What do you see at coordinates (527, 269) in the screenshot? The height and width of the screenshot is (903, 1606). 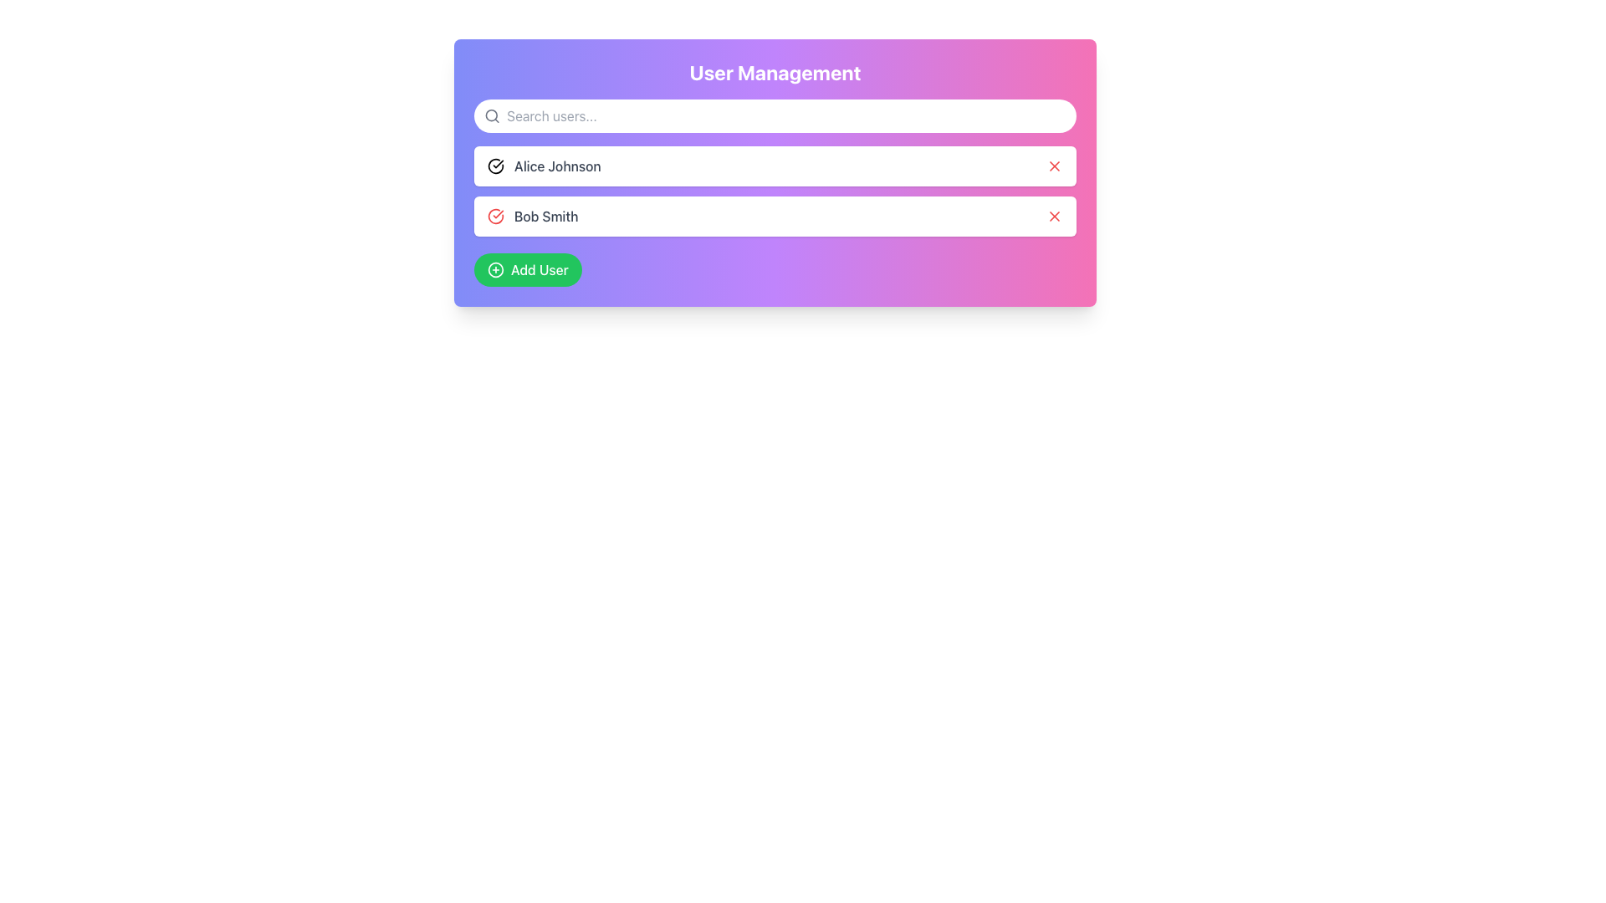 I see `the 'Add User' button, which is a rounded rectangular button with a green background and white text` at bounding box center [527, 269].